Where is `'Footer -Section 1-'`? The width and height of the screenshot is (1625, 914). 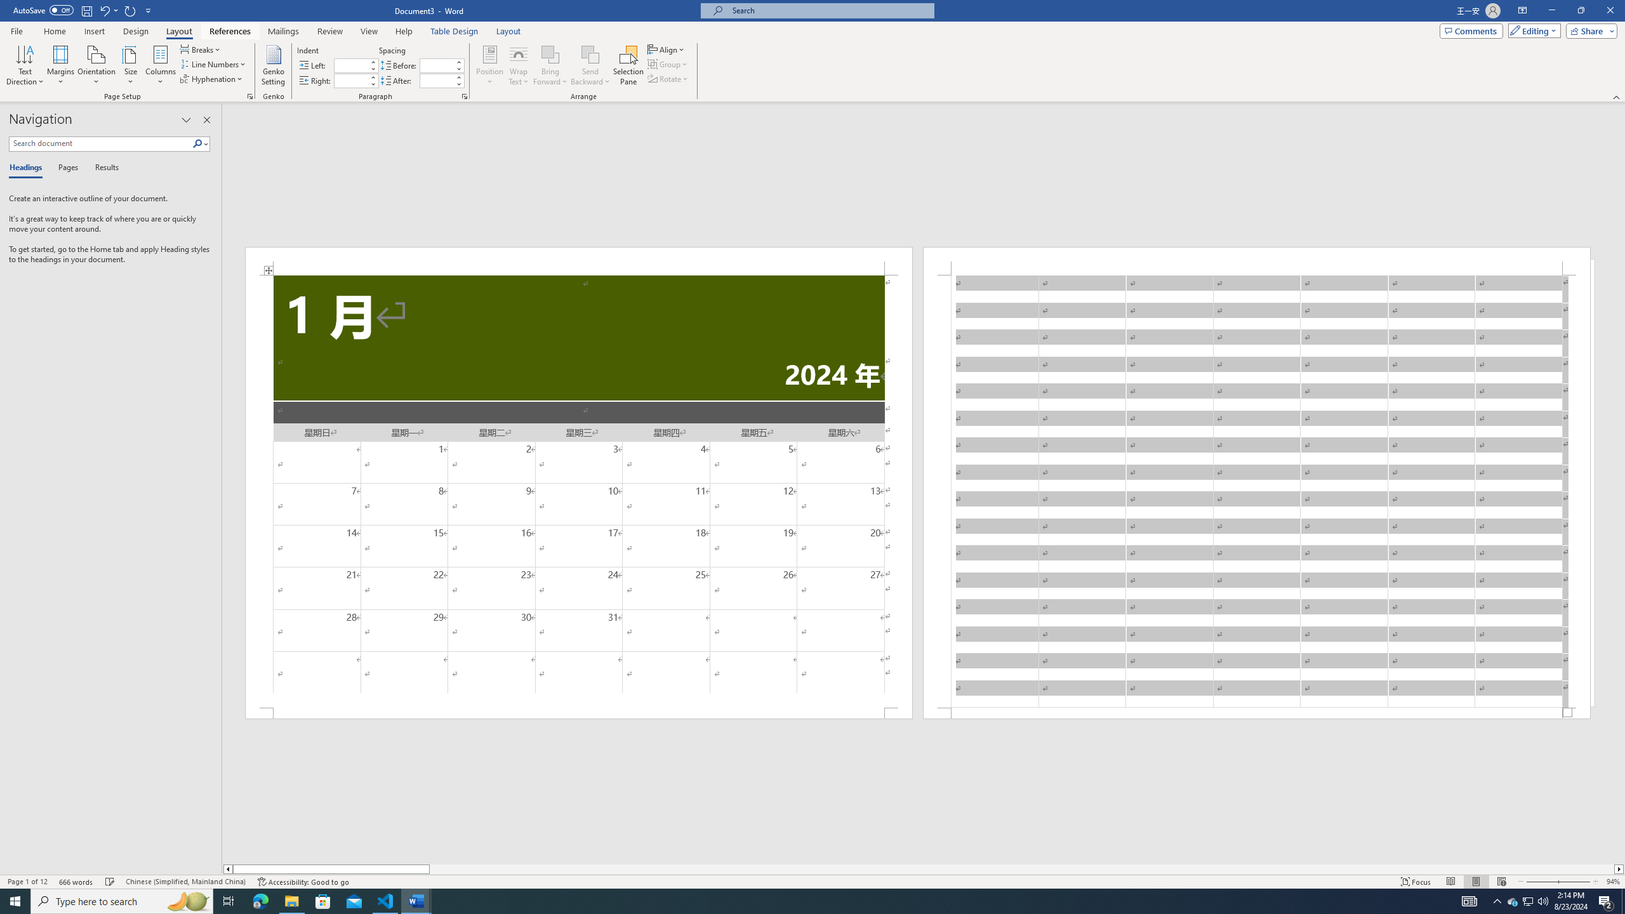
'Footer -Section 1-' is located at coordinates (1257, 712).